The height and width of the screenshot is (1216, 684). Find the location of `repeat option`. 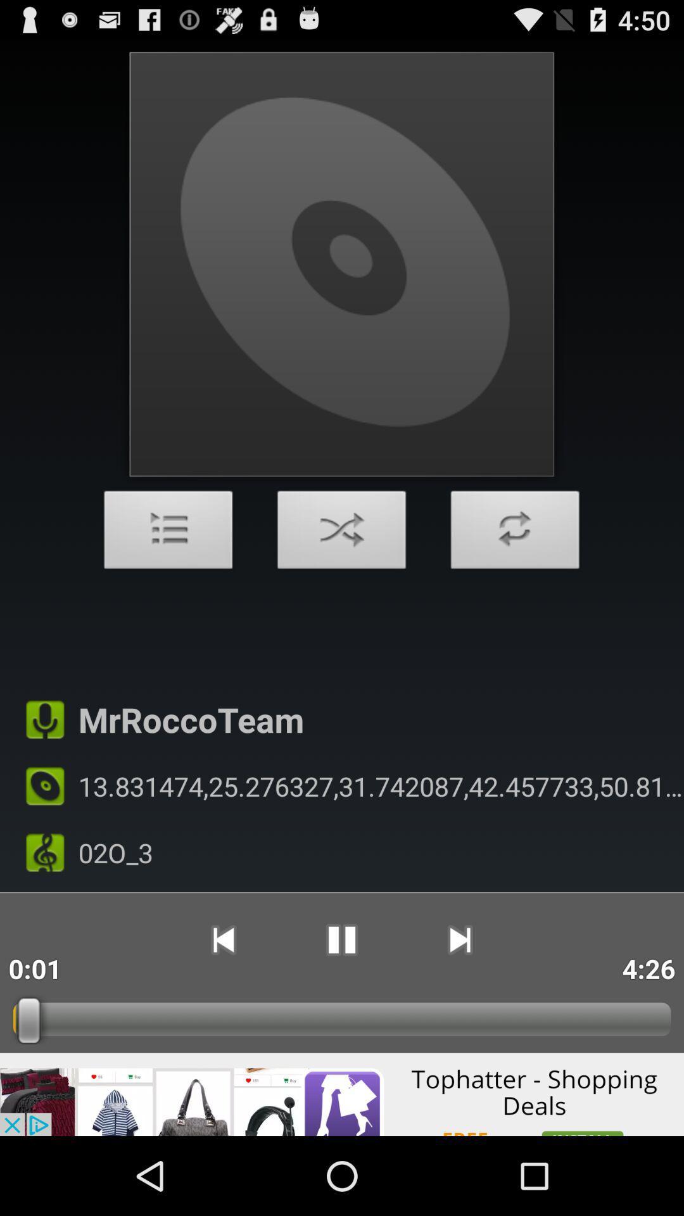

repeat option is located at coordinates (515, 533).